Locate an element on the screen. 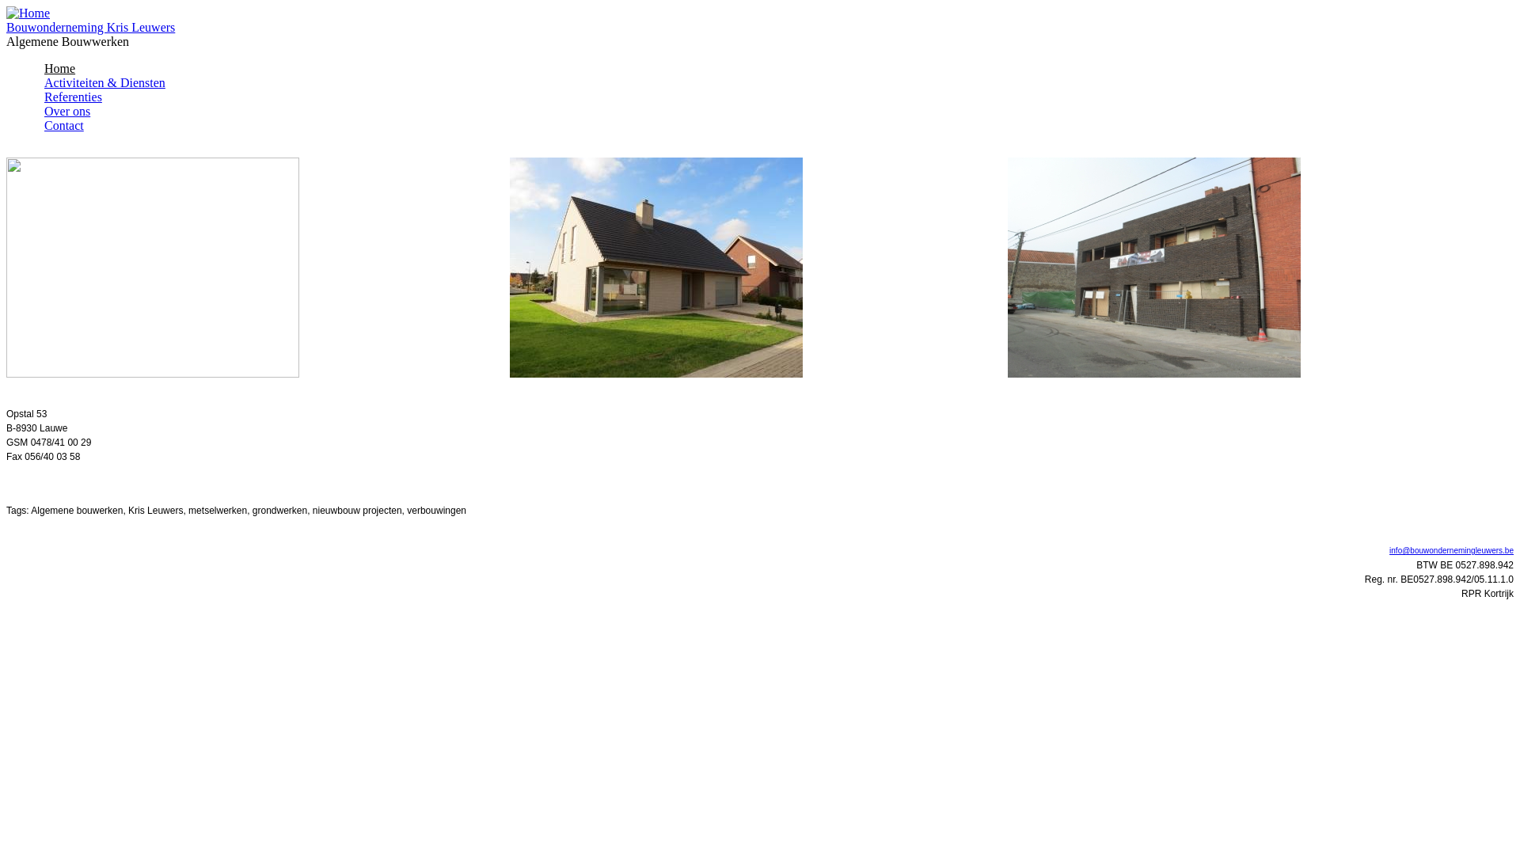 This screenshot has width=1520, height=855. 'Activiteiten & Diensten' is located at coordinates (104, 82).